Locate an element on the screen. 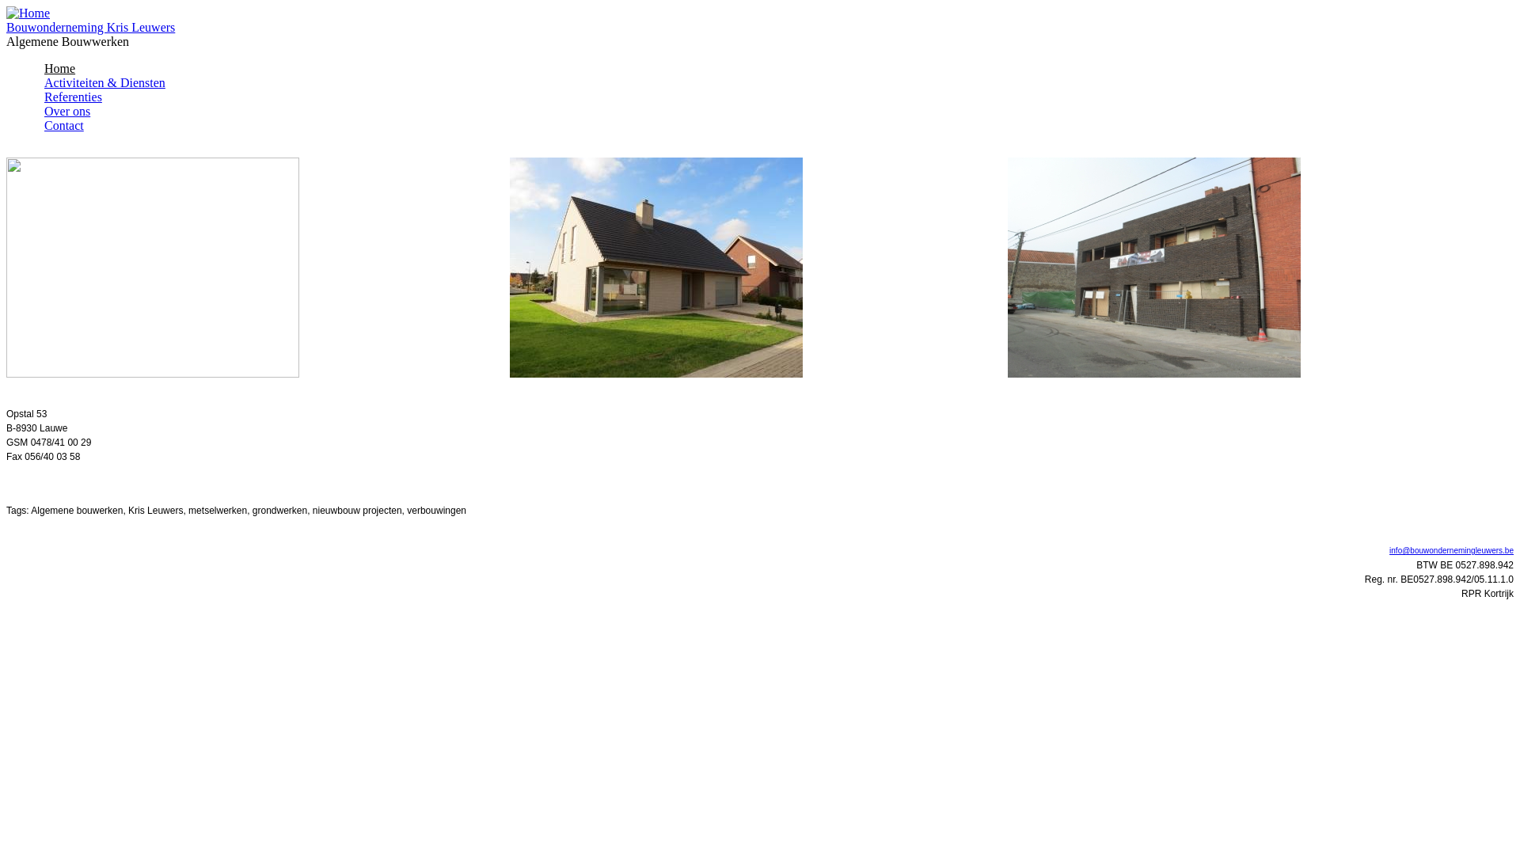 This screenshot has width=1520, height=855. 'Activiteiten & Diensten' is located at coordinates (104, 82).